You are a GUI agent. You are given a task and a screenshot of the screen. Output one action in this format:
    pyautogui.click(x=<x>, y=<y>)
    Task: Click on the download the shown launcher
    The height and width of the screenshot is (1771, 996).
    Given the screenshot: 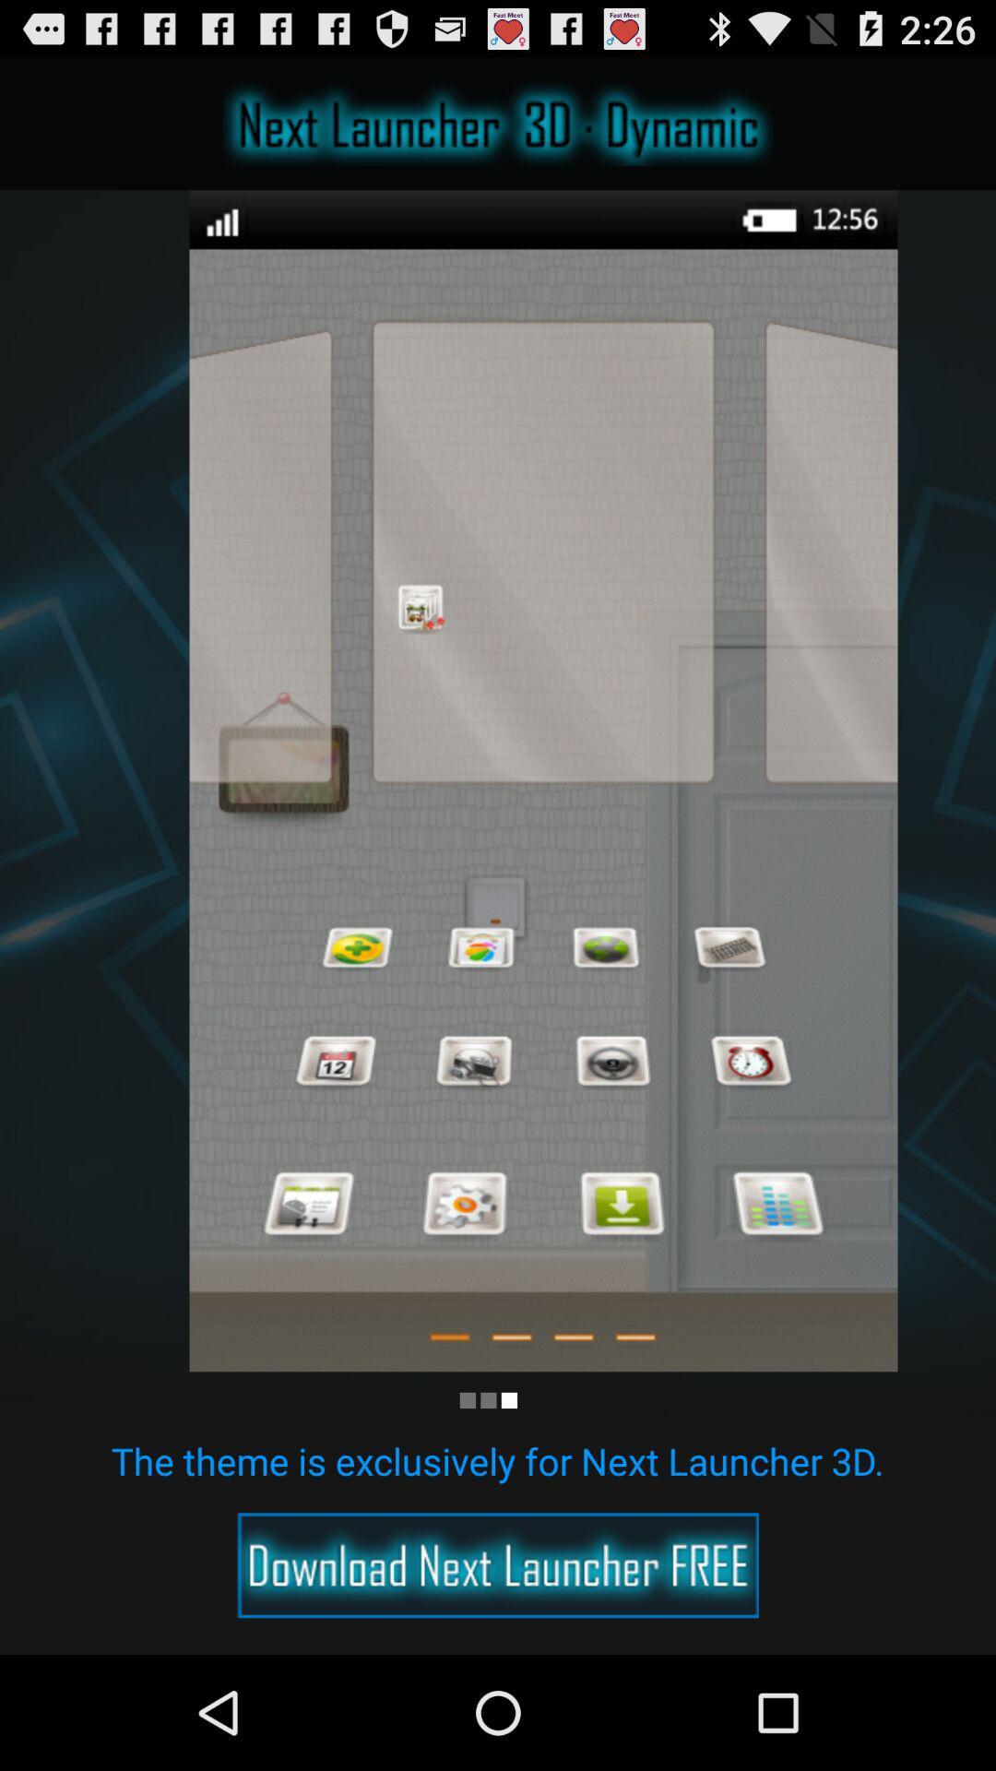 What is the action you would take?
    pyautogui.click(x=498, y=1564)
    